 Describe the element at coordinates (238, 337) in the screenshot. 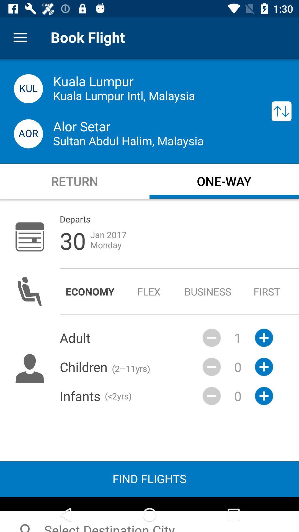

I see `the 1 which is beside the  icon` at that location.